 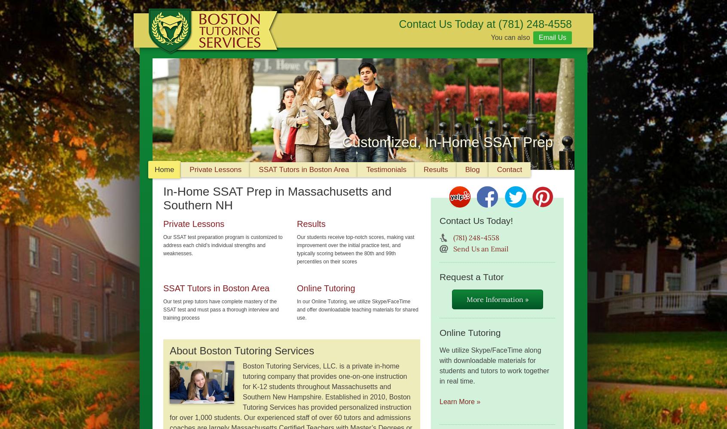 I want to click on 'In-Home SSAT Prep in Massachusetts and Southern NH', so click(x=277, y=198).